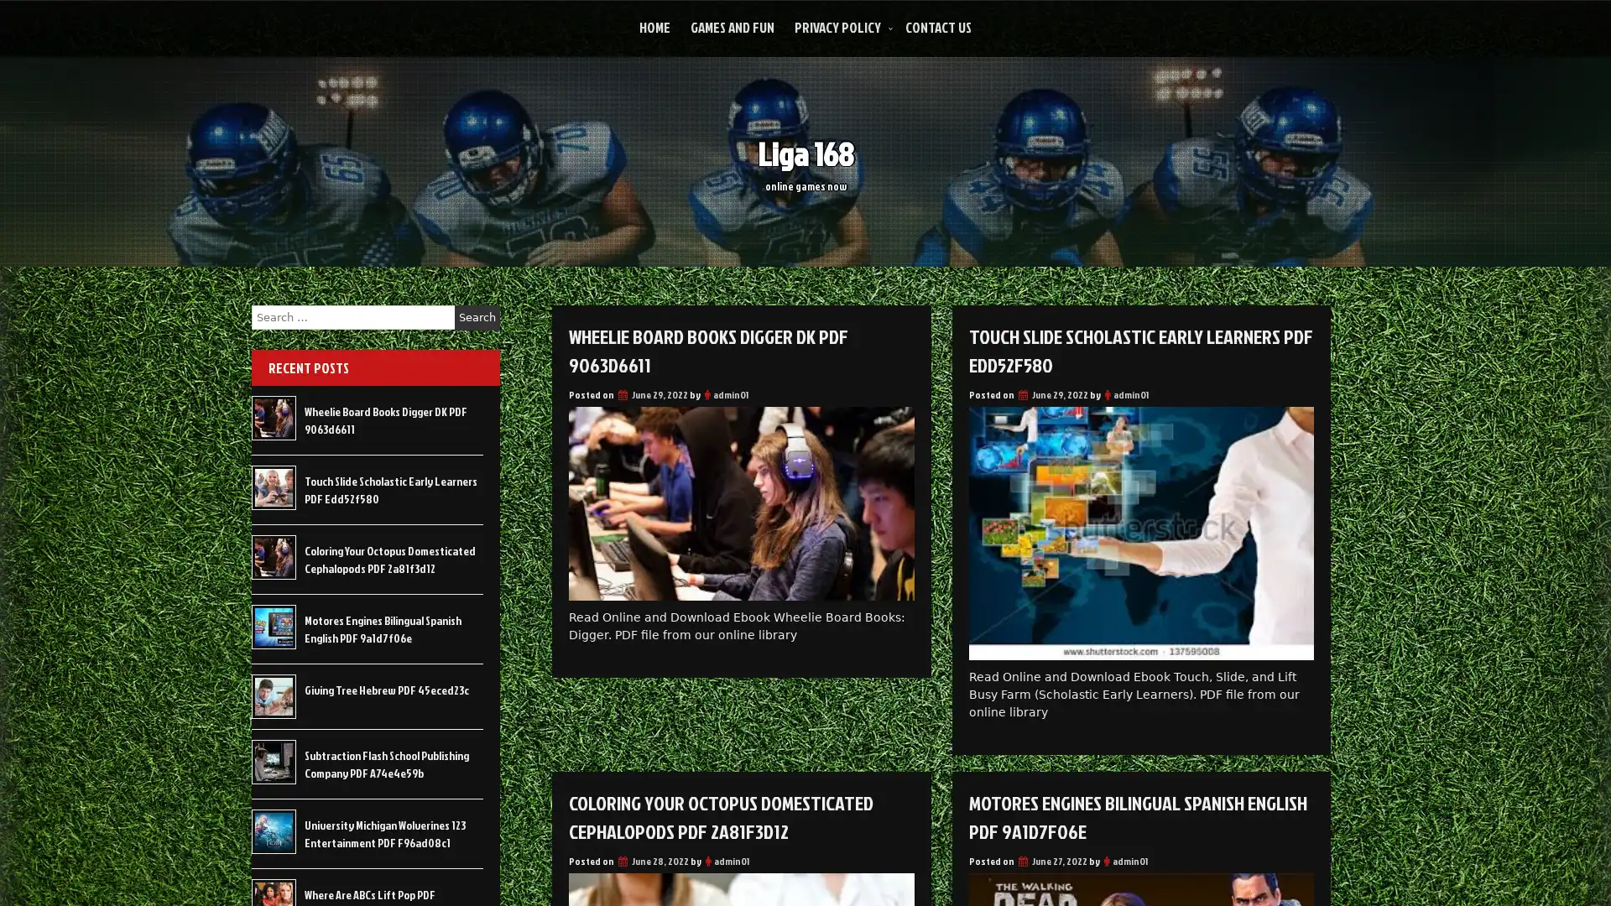 Image resolution: width=1611 pixels, height=906 pixels. Describe the element at coordinates (477, 317) in the screenshot. I see `Search` at that location.